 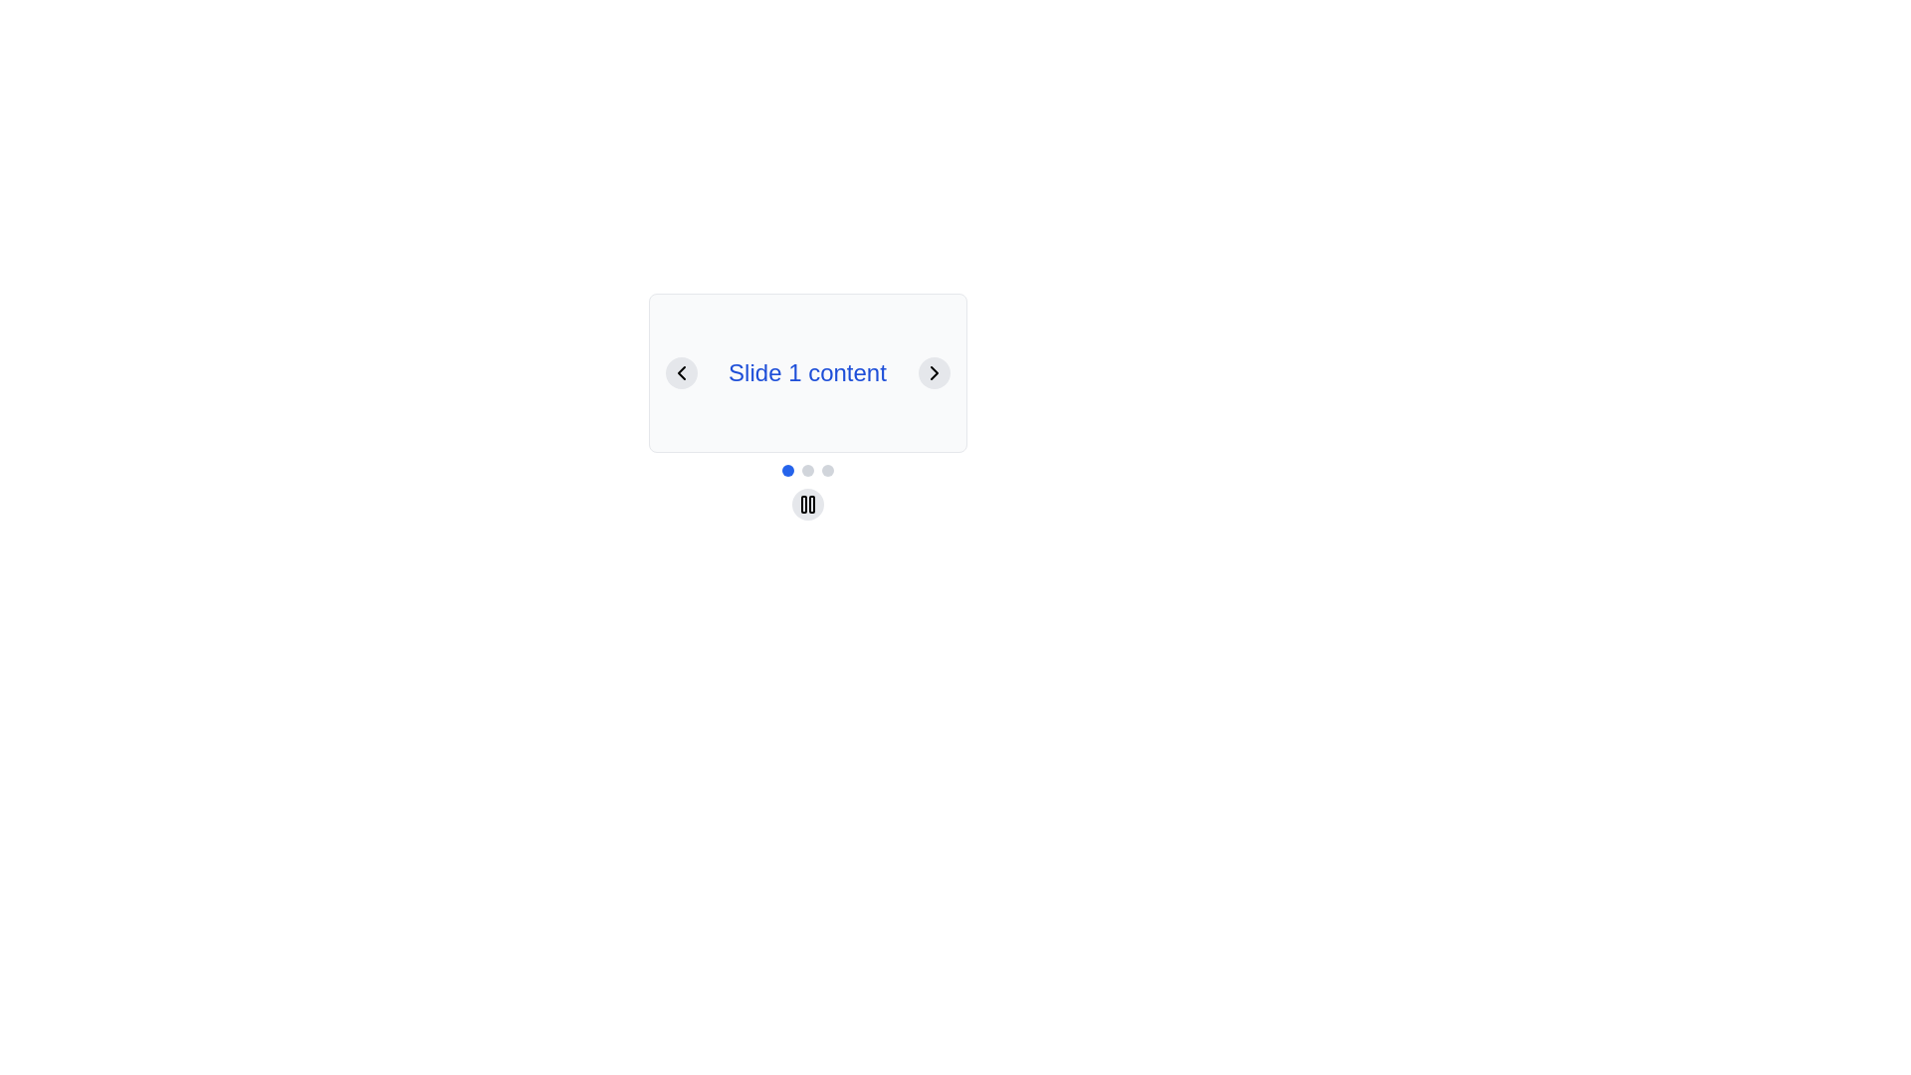 What do you see at coordinates (933, 372) in the screenshot?
I see `the rightward chevron icon in the carousel navigation group` at bounding box center [933, 372].